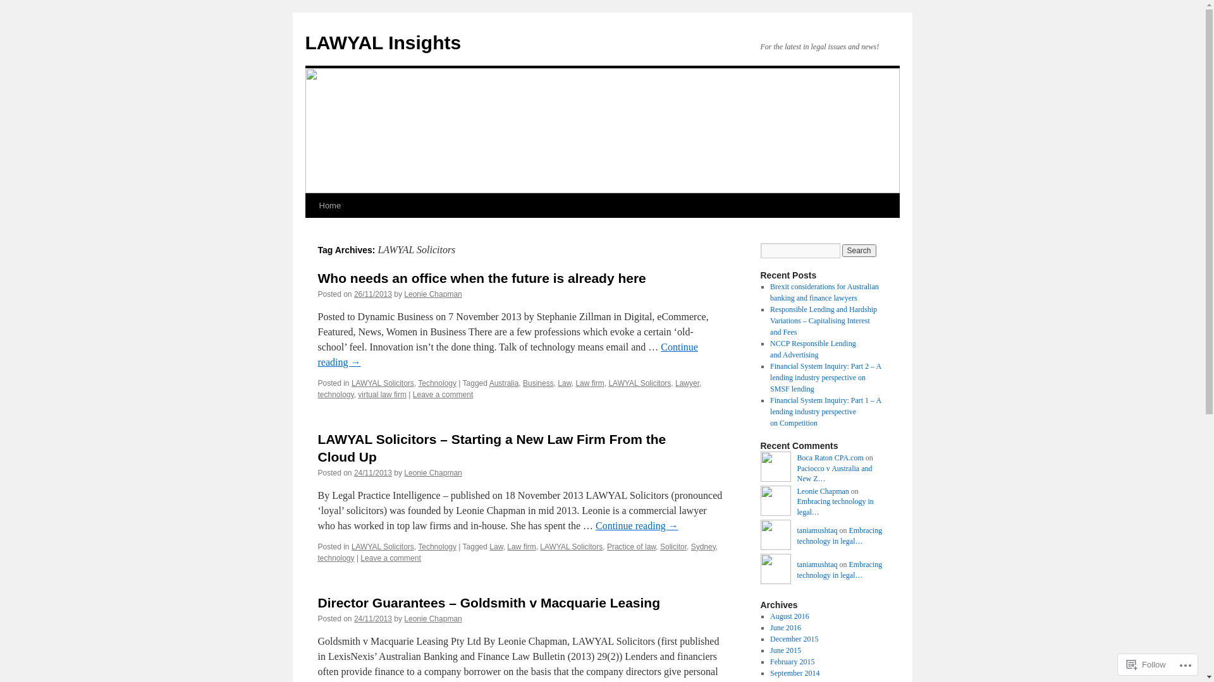 This screenshot has height=682, width=1214. Describe the element at coordinates (795, 458) in the screenshot. I see `'Boca Raton CPA.com'` at that location.